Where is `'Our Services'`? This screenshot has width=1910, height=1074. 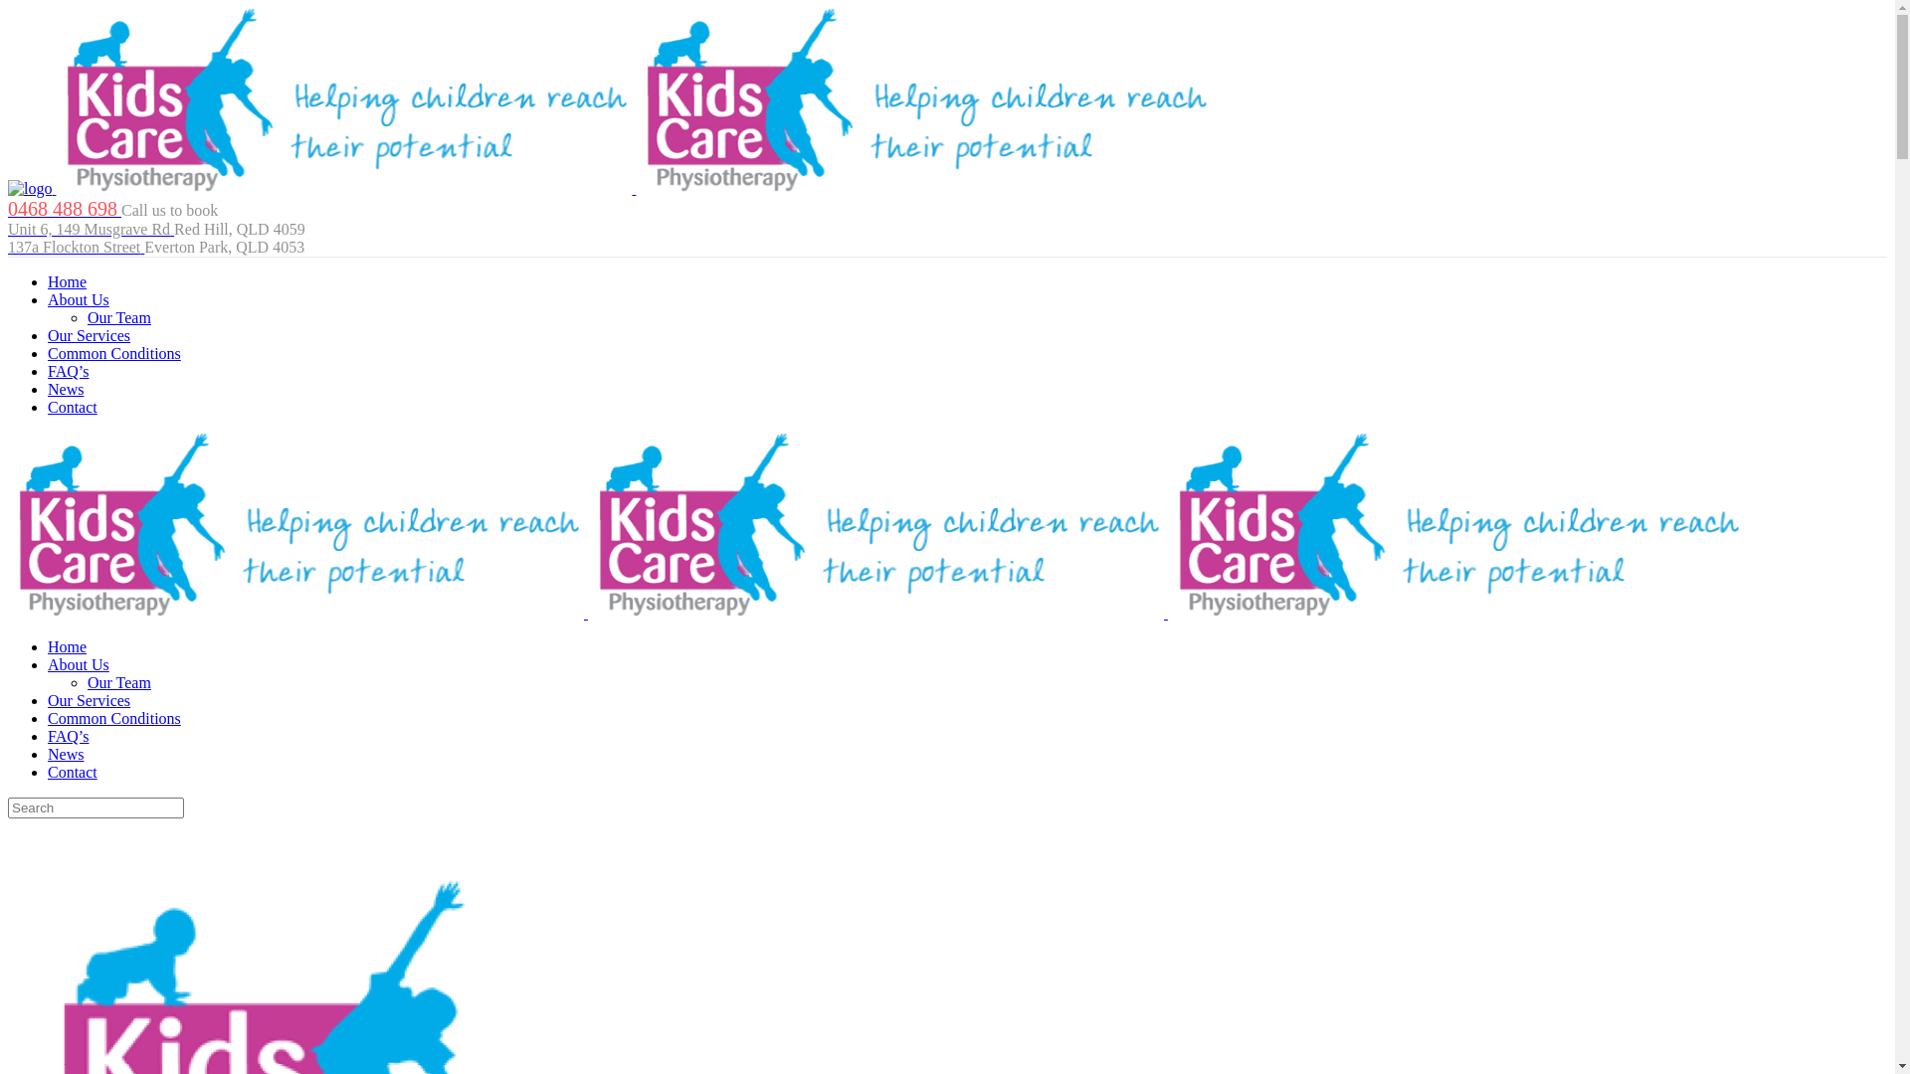
'Our Services' is located at coordinates (88, 699).